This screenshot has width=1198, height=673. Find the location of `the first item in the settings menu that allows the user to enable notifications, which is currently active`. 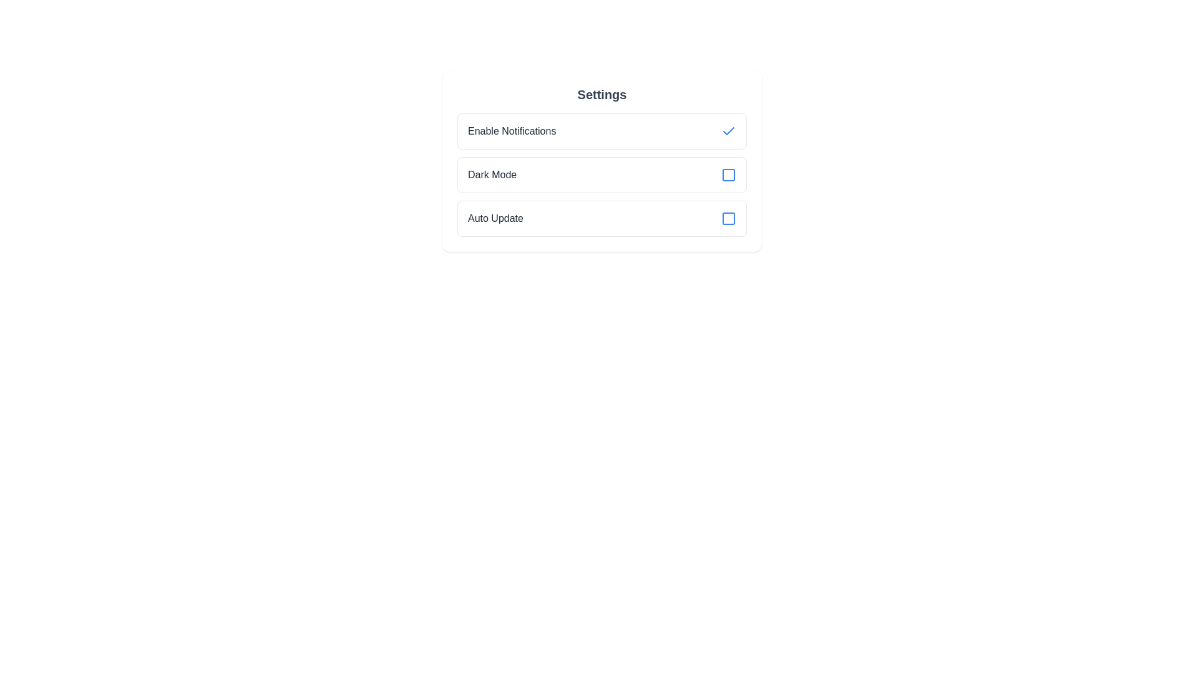

the first item in the settings menu that allows the user to enable notifications, which is currently active is located at coordinates (601, 131).